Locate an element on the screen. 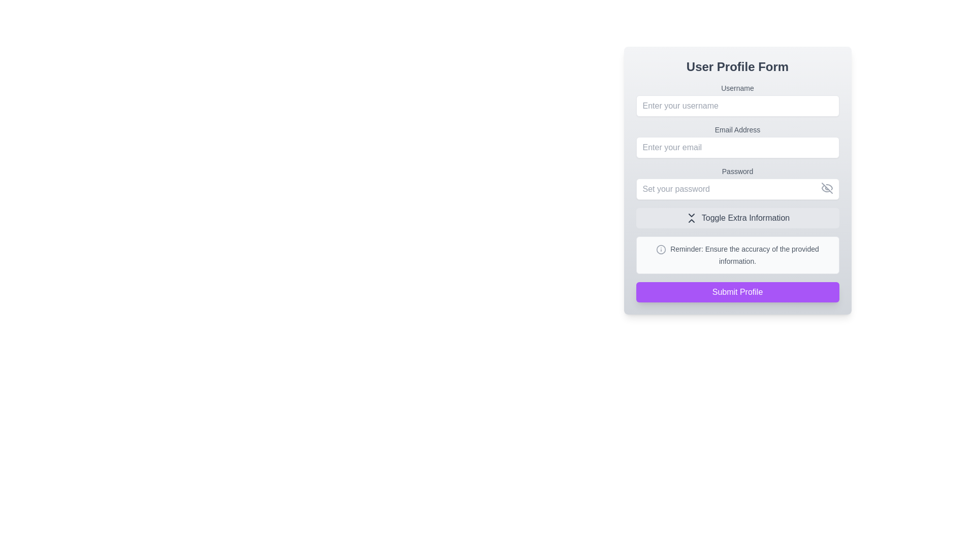 Image resolution: width=975 pixels, height=548 pixels. inside the email address input field located in the User Profile Form, which is the second input field below the Username field is located at coordinates (737, 141).